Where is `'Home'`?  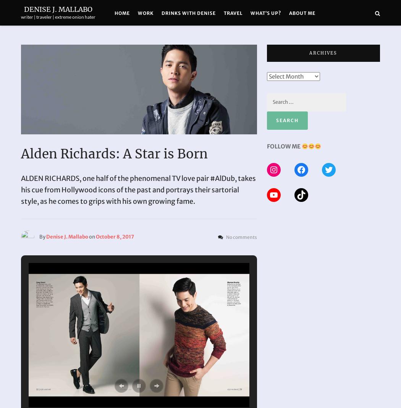 'Home' is located at coordinates (122, 13).